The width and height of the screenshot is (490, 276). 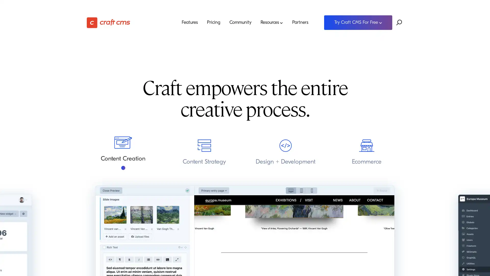 What do you see at coordinates (399, 22) in the screenshot?
I see `Search website` at bounding box center [399, 22].